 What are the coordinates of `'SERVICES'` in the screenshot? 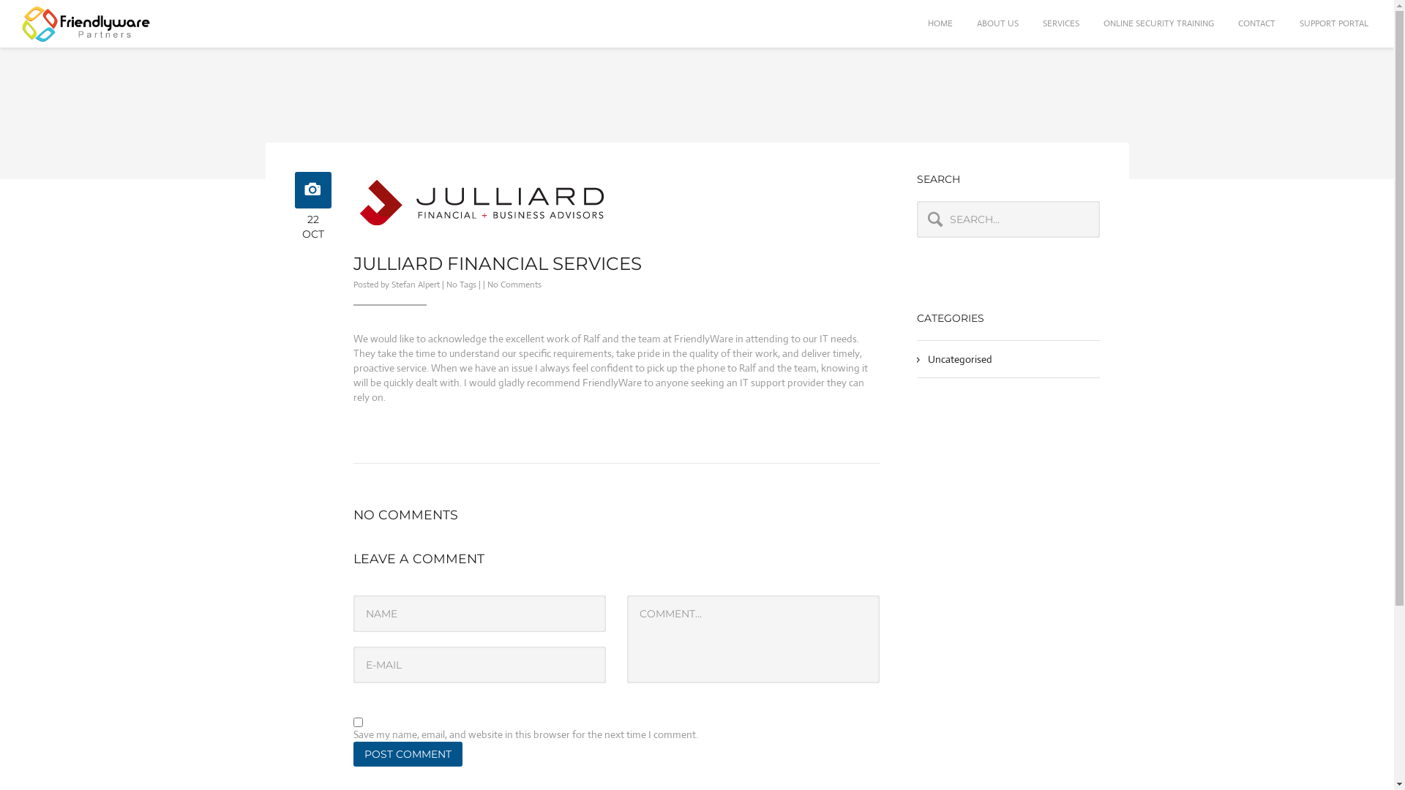 It's located at (1031, 23).